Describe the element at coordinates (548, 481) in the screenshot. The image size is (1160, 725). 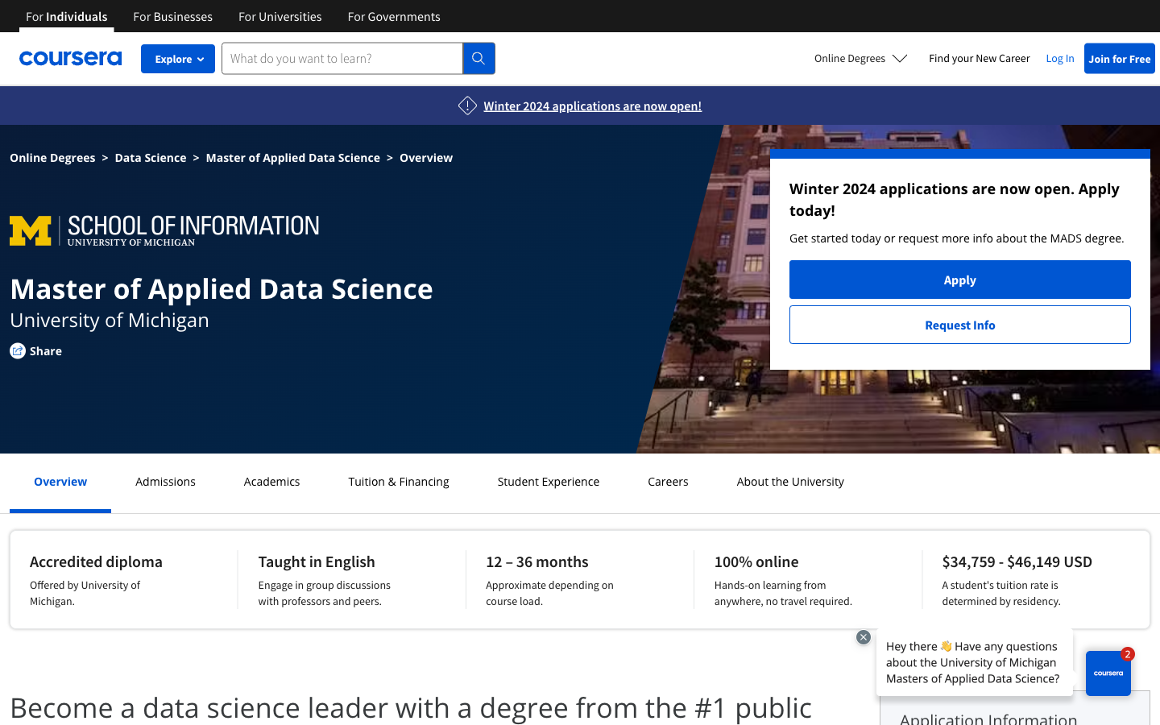
I see `online classes on Cloud Computing` at that location.